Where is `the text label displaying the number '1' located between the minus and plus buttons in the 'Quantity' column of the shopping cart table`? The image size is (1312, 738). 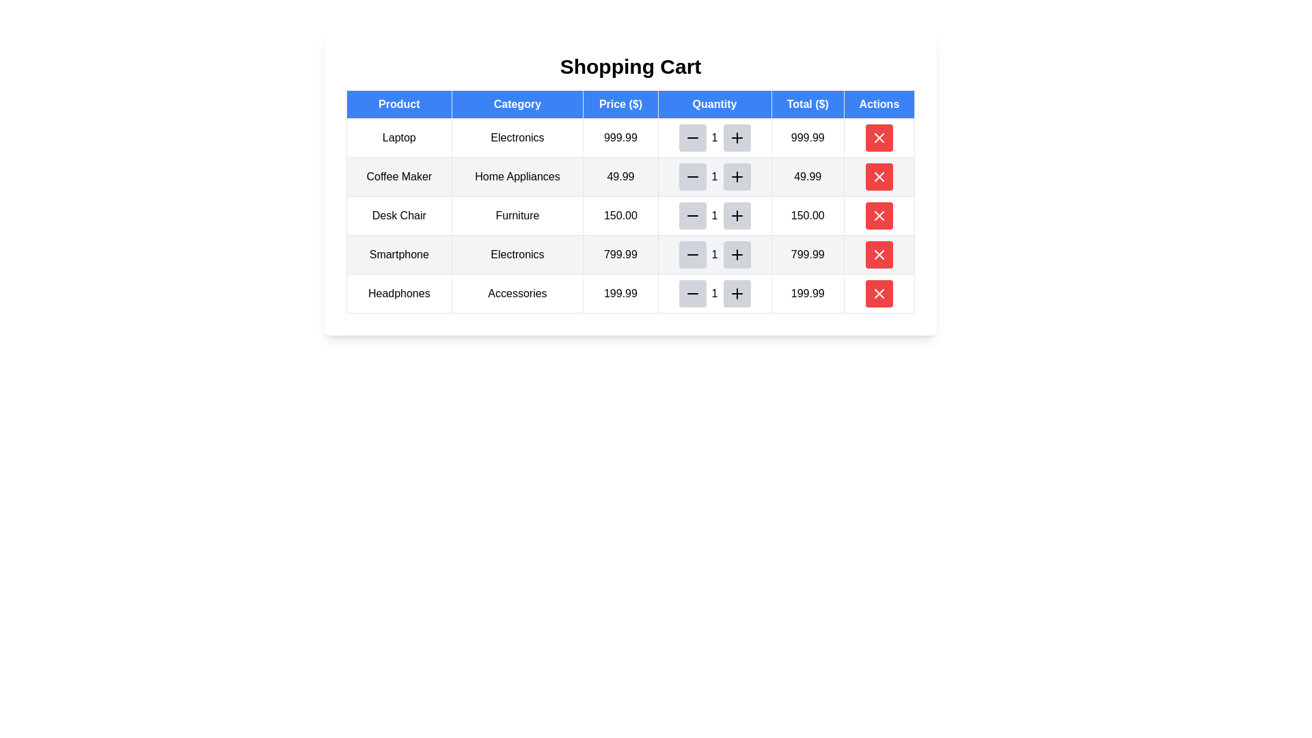
the text label displaying the number '1' located between the minus and plus buttons in the 'Quantity' column of the shopping cart table is located at coordinates (714, 137).